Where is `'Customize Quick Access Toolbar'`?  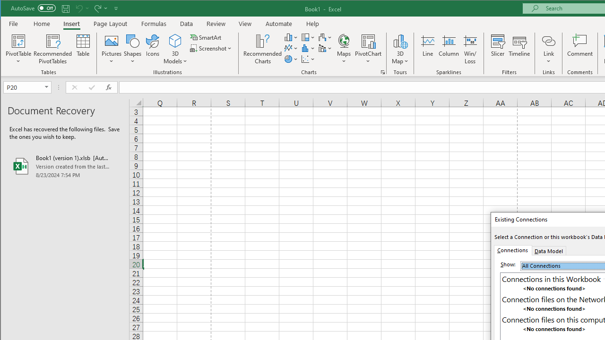 'Customize Quick Access Toolbar' is located at coordinates (115, 8).